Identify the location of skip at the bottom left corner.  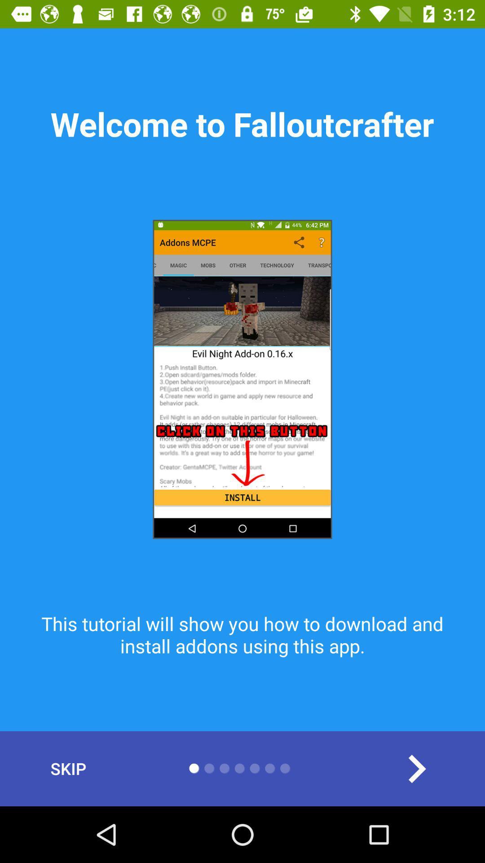
(68, 768).